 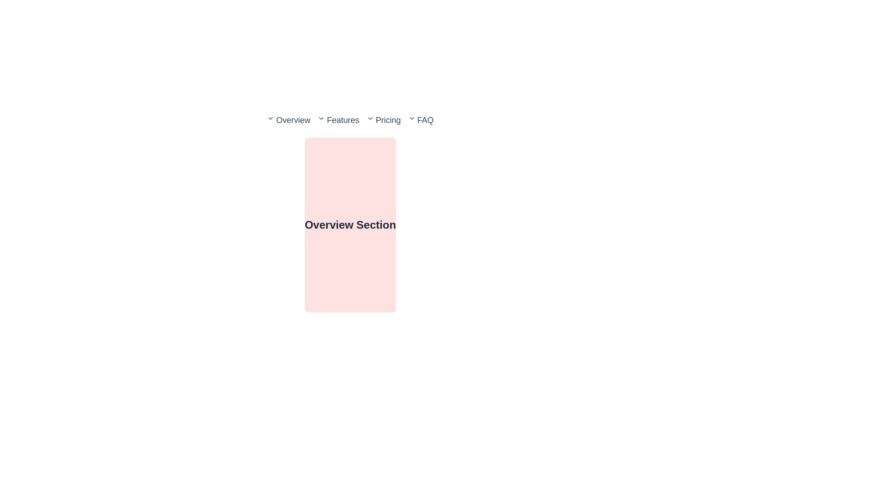 I want to click on the 'Features' hyperlink, which is styled with gray text and has a downward chevron icon, so click(x=338, y=119).